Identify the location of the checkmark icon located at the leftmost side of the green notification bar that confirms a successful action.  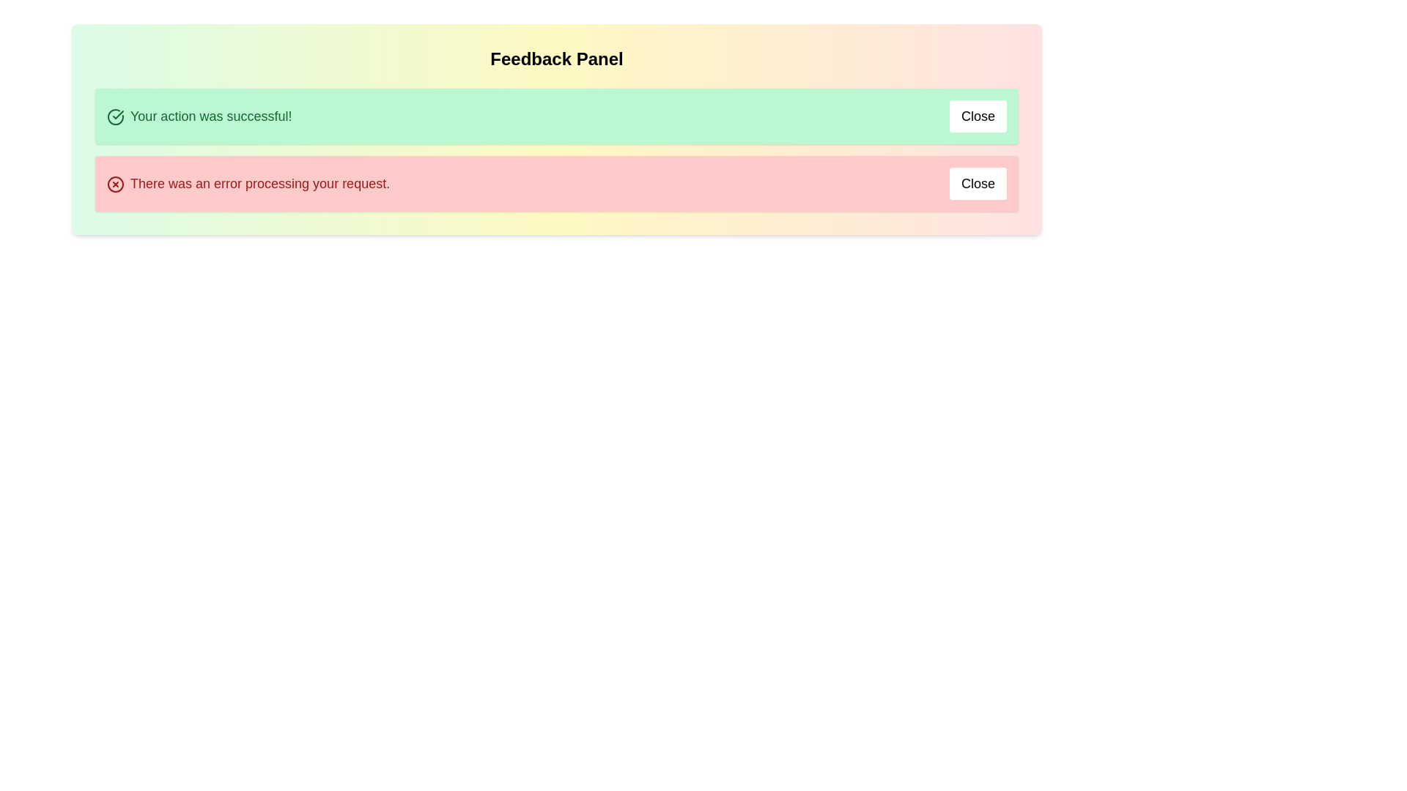
(115, 116).